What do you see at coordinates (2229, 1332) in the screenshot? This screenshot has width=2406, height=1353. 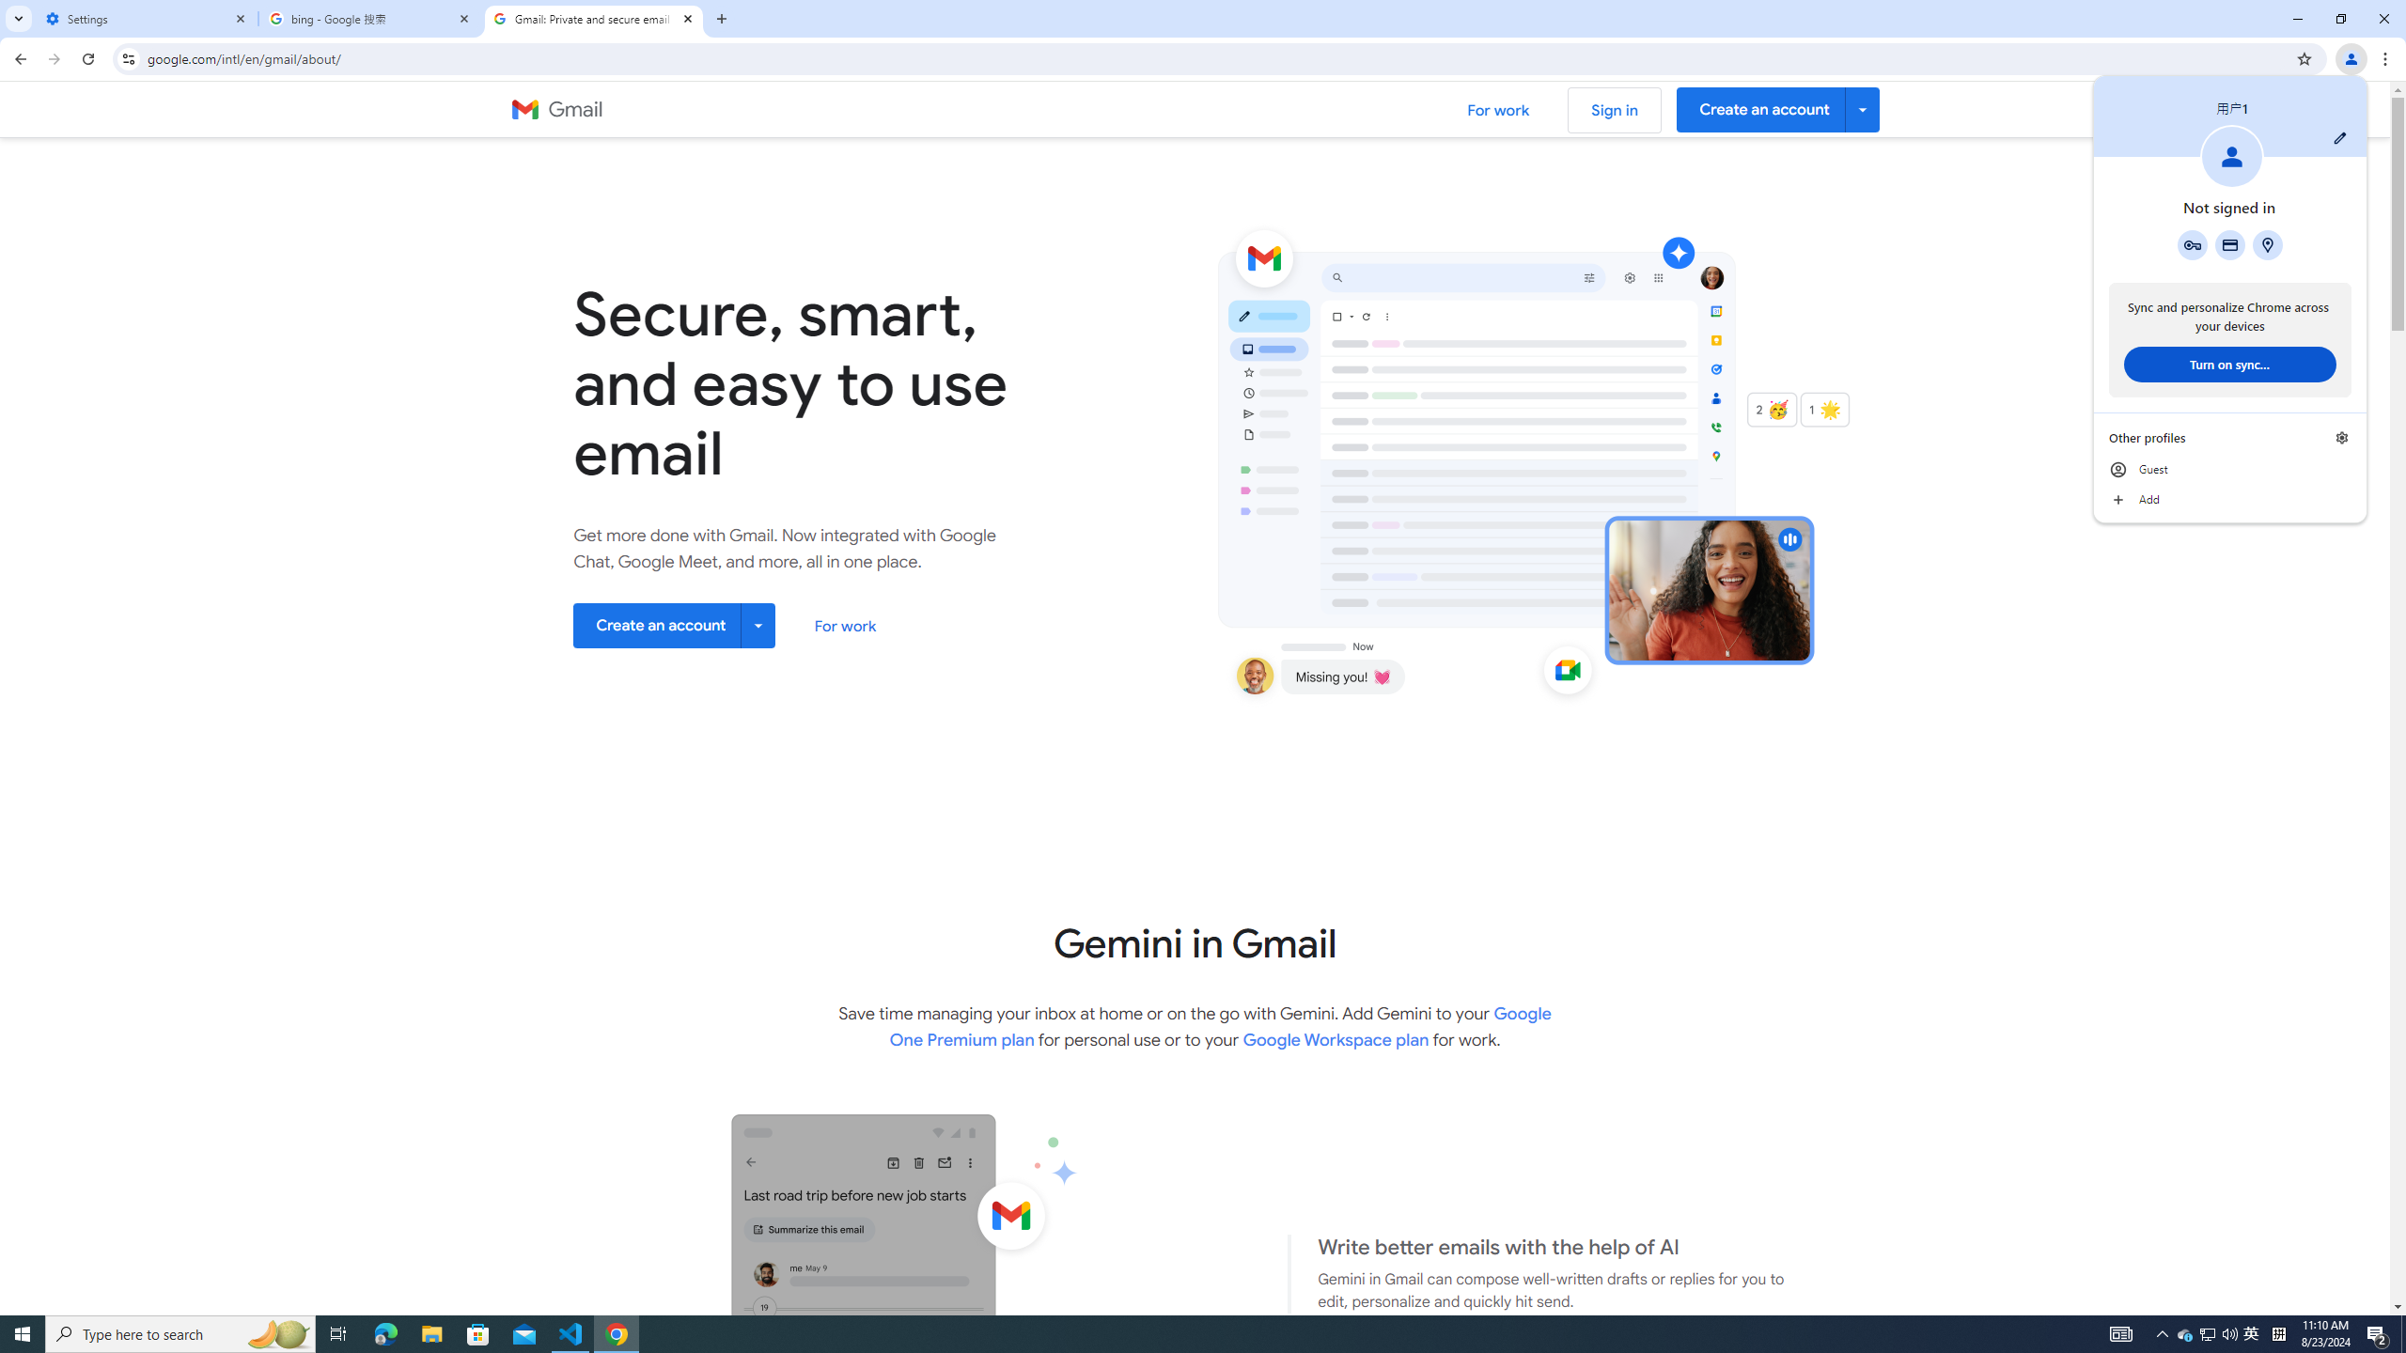 I see `'Q2790: 100%'` at bounding box center [2229, 1332].